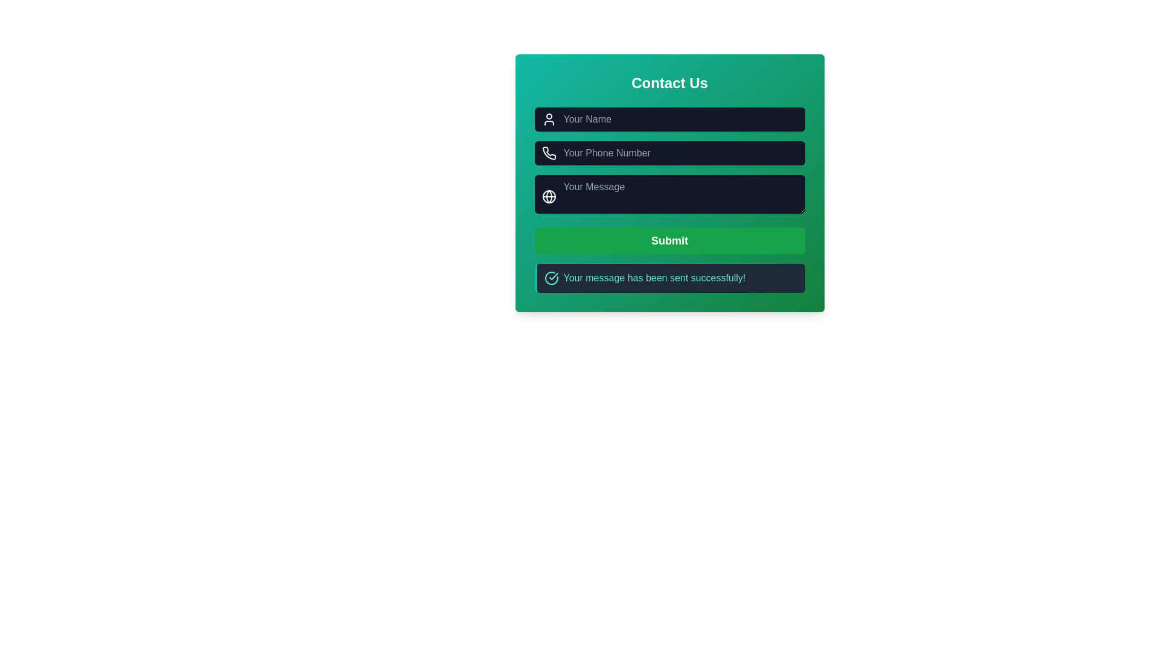 This screenshot has height=652, width=1159. I want to click on the Notification message box that displays the message 'Your message has been sent successfully!' with a teal left border and a checkmark icon, so click(669, 278).